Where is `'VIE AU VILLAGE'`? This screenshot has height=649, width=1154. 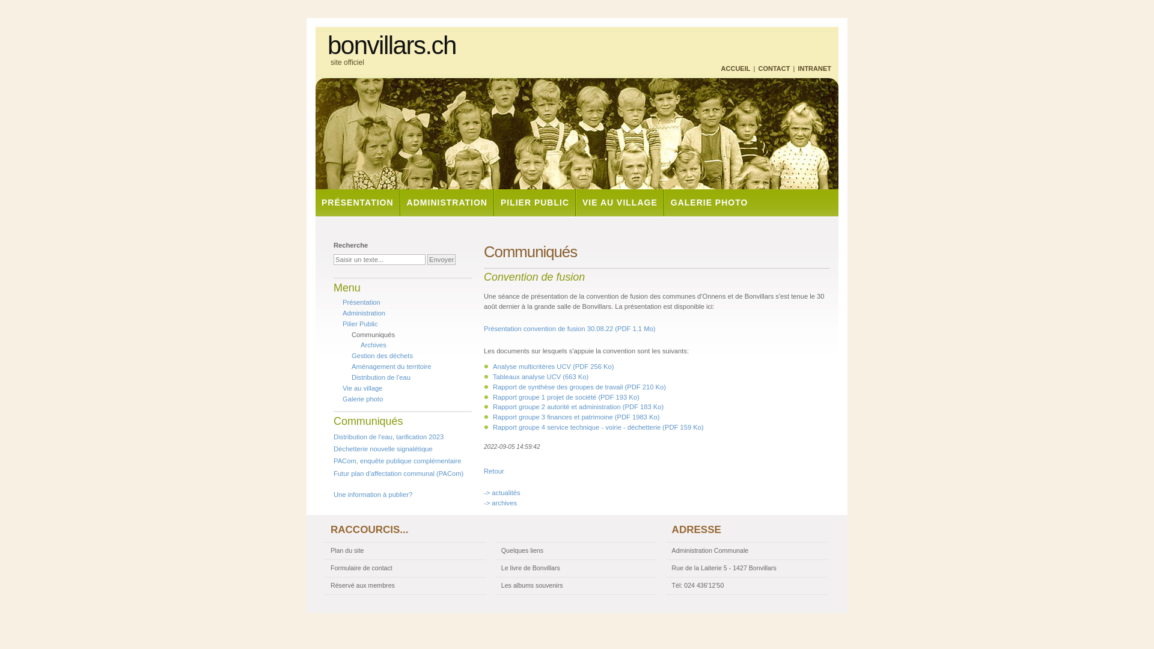
'VIE AU VILLAGE' is located at coordinates (574, 202).